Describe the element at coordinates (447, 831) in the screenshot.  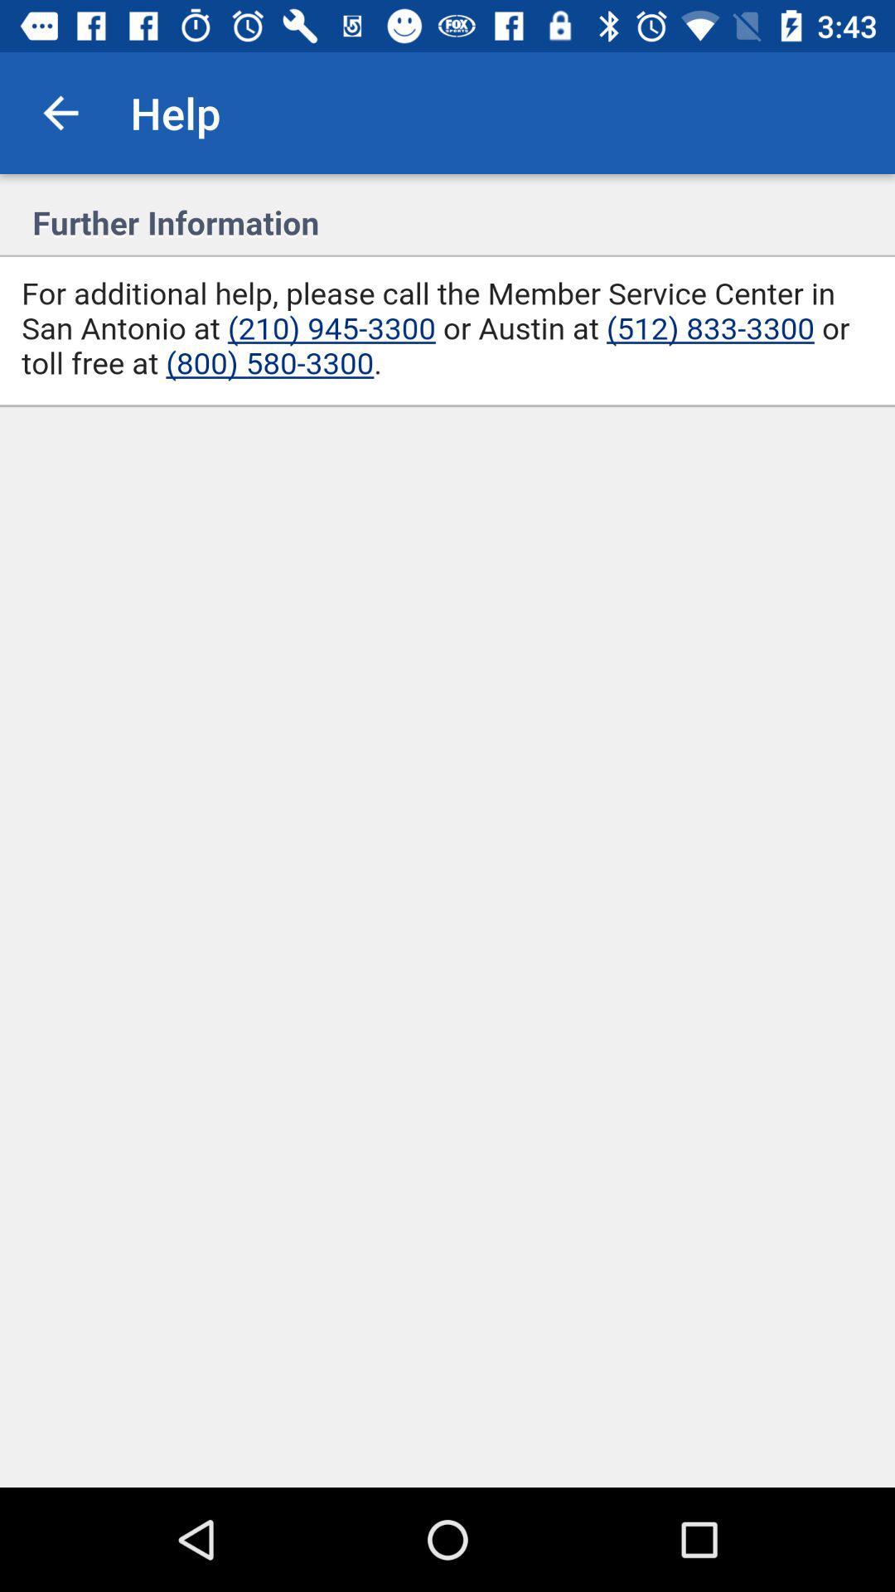
I see `help assistant` at that location.